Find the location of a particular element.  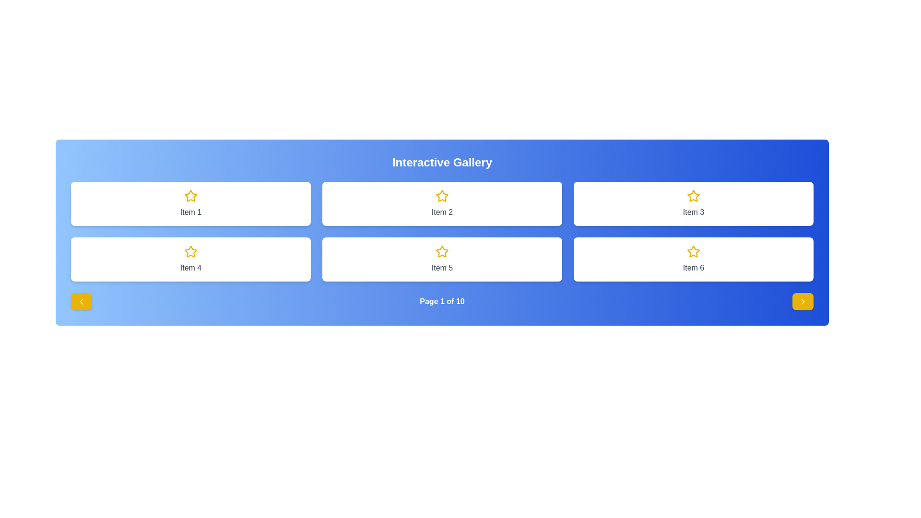

the yellow button with rounded corners located in the bottom-right corner of the navigation bar to observe its hover effects is located at coordinates (803, 301).